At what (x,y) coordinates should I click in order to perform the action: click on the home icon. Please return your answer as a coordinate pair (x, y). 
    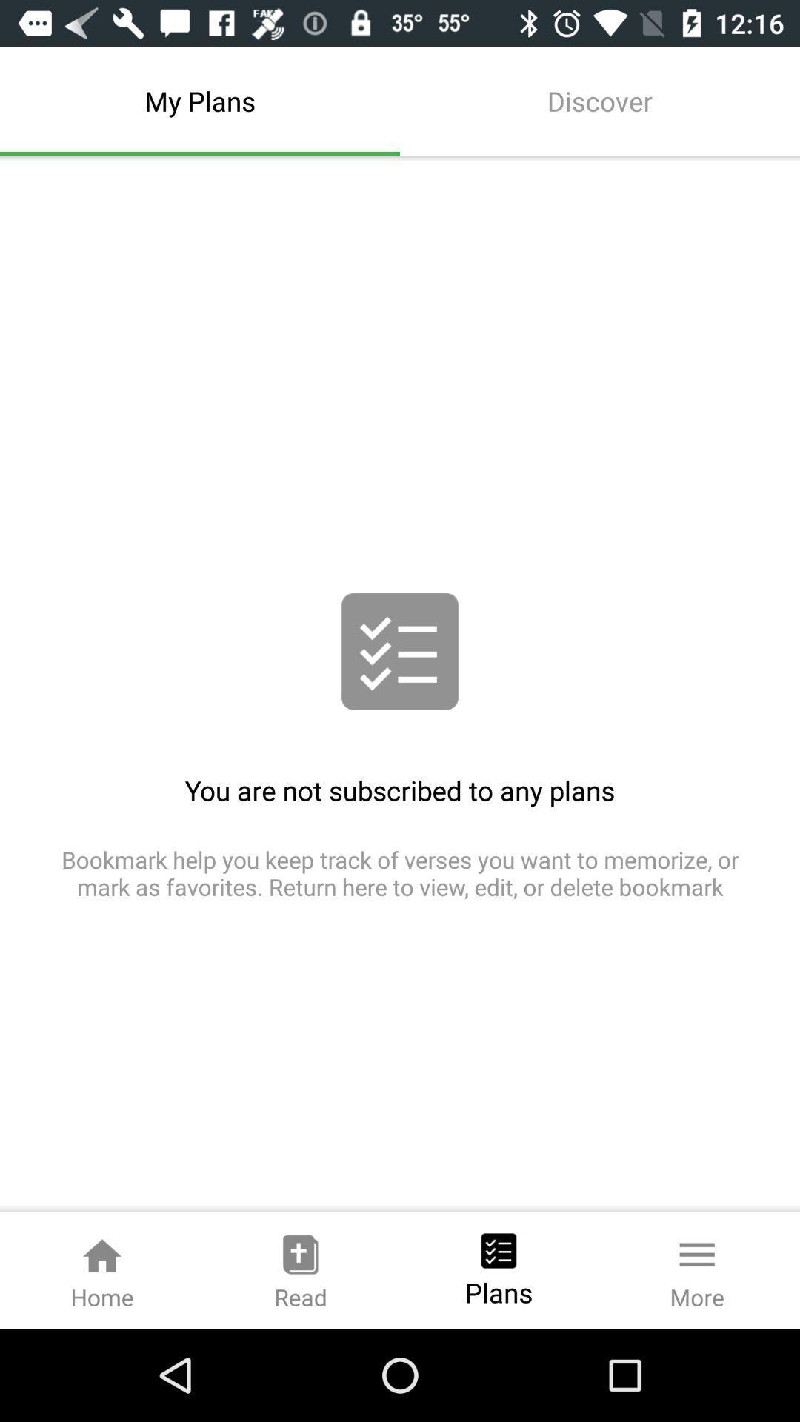
    Looking at the image, I should click on (101, 1269).